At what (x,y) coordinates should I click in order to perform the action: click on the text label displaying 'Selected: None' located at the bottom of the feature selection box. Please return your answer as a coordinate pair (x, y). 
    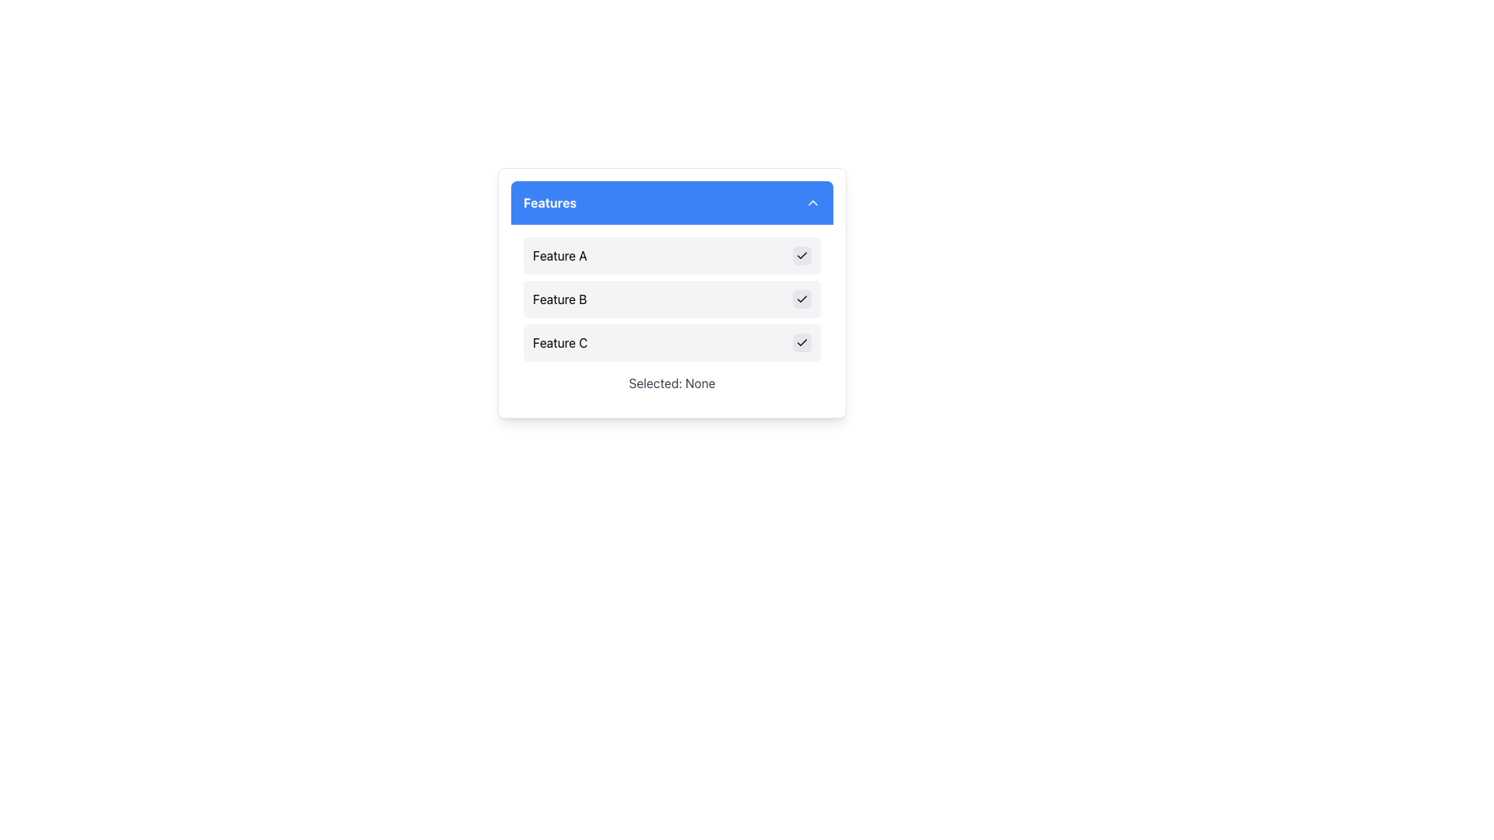
    Looking at the image, I should click on (672, 383).